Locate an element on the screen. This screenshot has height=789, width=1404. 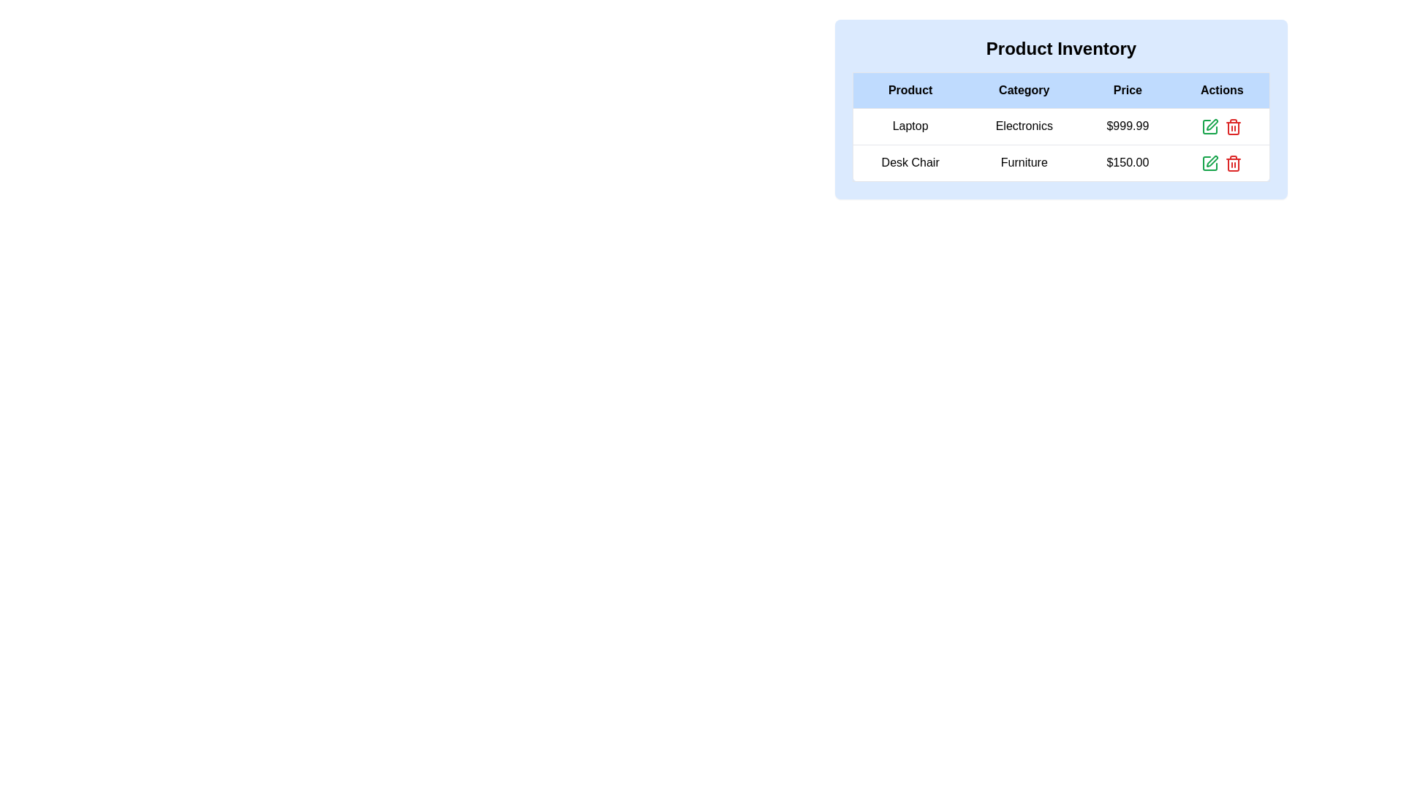
the red trash bin icon is located at coordinates (1233, 163).